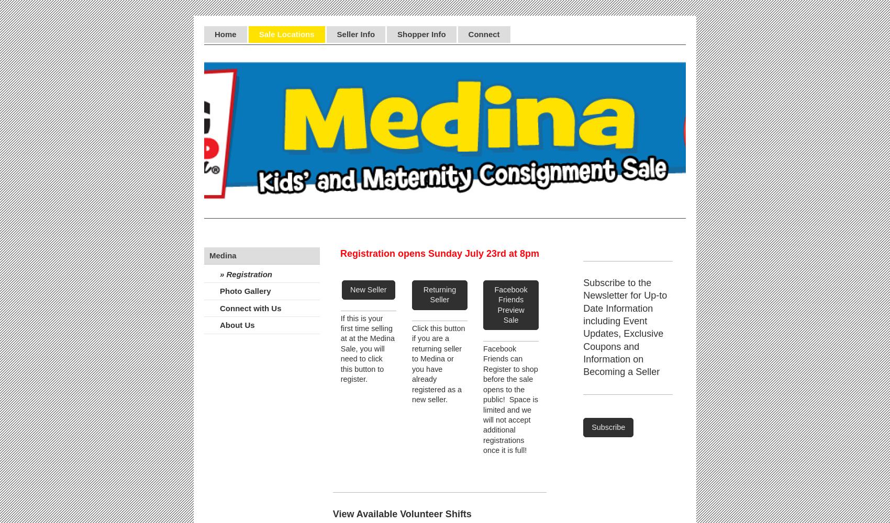 The image size is (890, 523). What do you see at coordinates (420, 33) in the screenshot?
I see `'Shopper Info'` at bounding box center [420, 33].